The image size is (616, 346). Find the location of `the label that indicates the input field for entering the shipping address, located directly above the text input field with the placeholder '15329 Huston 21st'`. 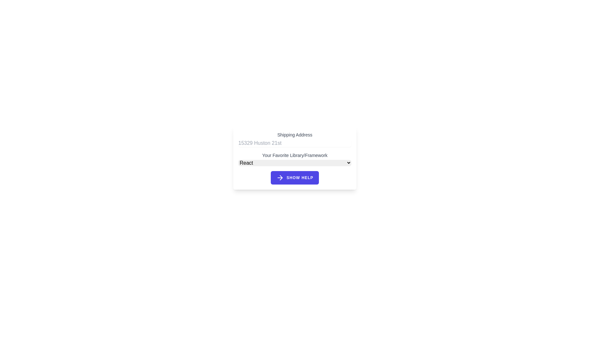

the label that indicates the input field for entering the shipping address, located directly above the text input field with the placeholder '15329 Huston 21st' is located at coordinates (294, 134).